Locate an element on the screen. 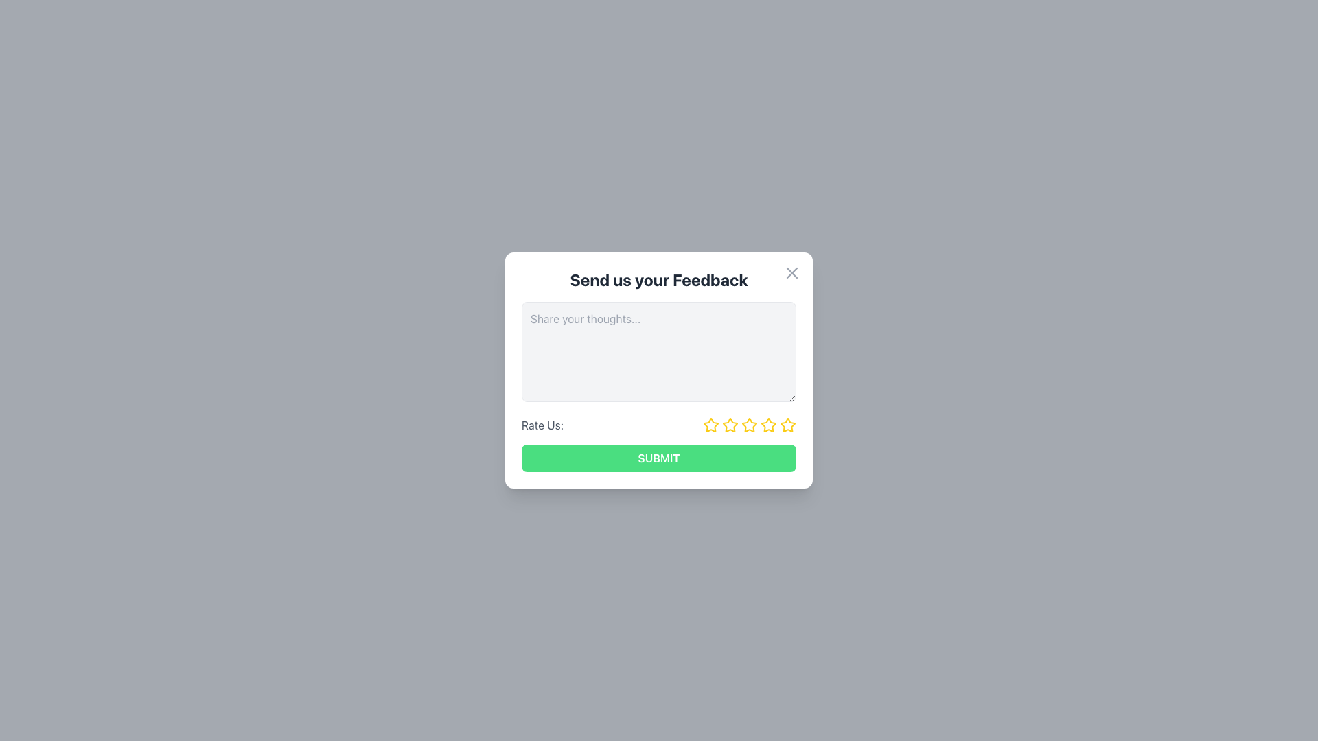 This screenshot has width=1318, height=741. the fifth and last yellow star icon in the five-star rating system located at the far-right end of the row, below the text area in the feedback form dialog is located at coordinates (767, 424).